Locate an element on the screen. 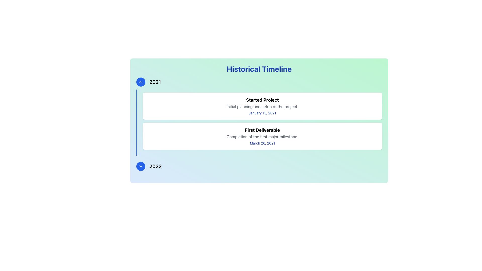 The width and height of the screenshot is (482, 271). the text label displaying '2021' which is bold and larger, located next to a blue upward-facing chevron icon on a light green background is located at coordinates (155, 82).